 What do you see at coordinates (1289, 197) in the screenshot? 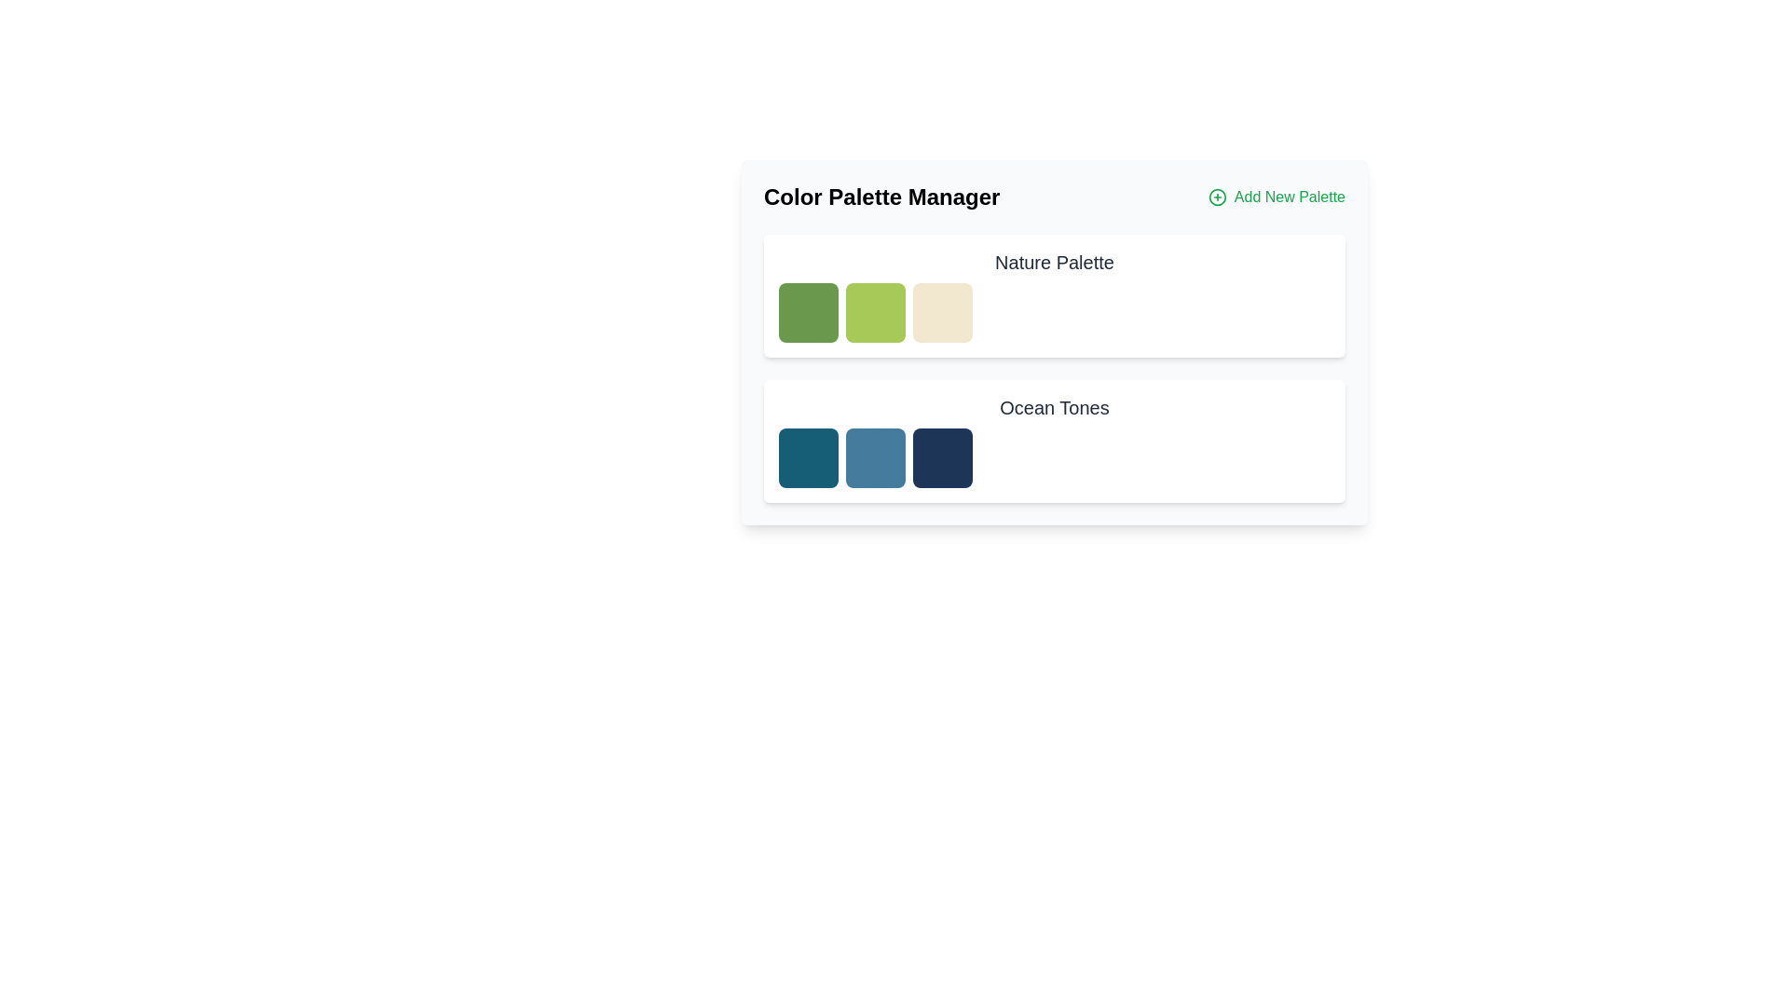
I see `the button-like interface labeled with Plain text in the top-right corner of the main color palette to initiate the creation of a new palette` at bounding box center [1289, 197].